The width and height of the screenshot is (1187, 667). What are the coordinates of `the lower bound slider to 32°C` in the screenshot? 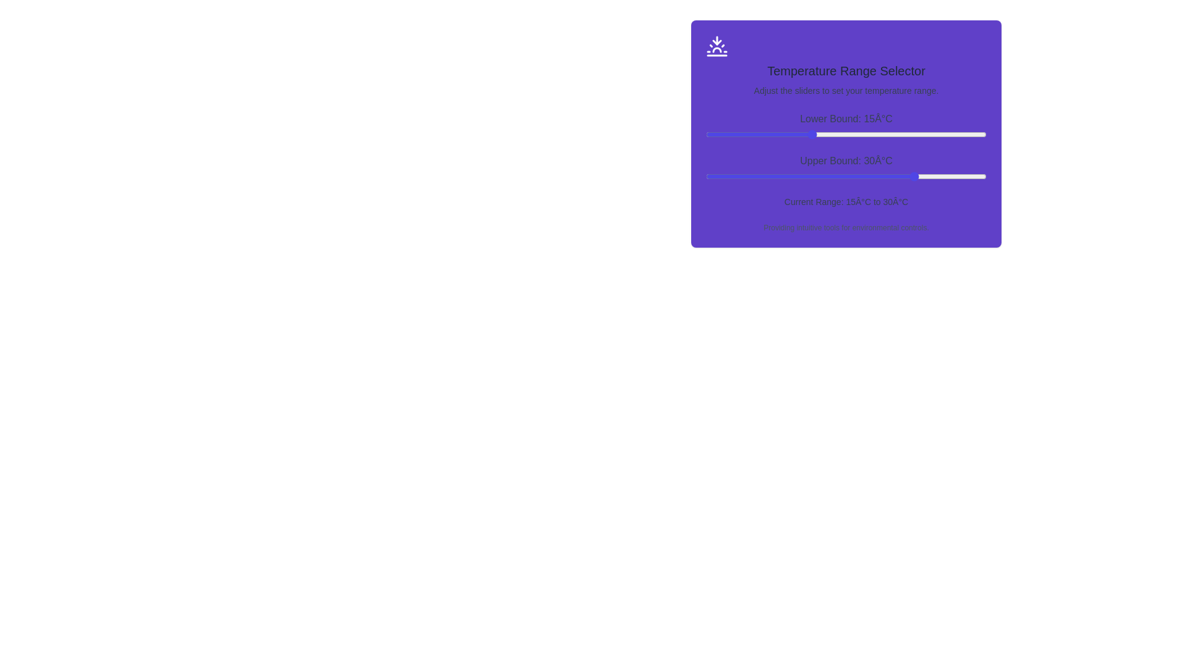 It's located at (930, 135).